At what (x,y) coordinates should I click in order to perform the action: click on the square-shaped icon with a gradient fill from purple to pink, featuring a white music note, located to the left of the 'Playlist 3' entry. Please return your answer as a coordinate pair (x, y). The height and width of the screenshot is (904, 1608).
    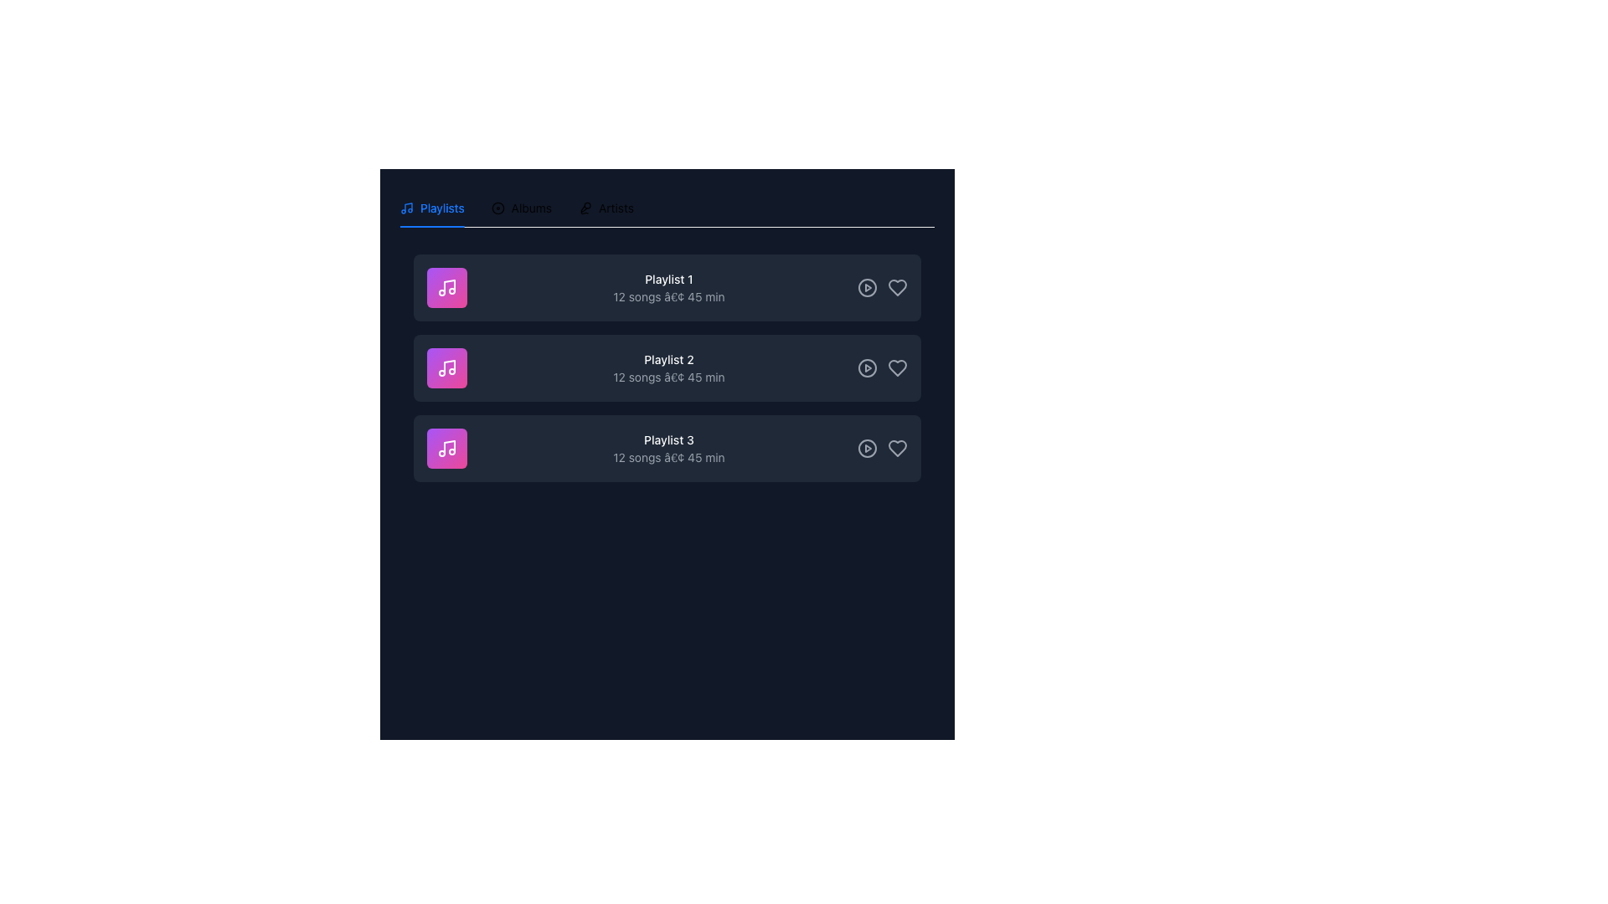
    Looking at the image, I should click on (446, 448).